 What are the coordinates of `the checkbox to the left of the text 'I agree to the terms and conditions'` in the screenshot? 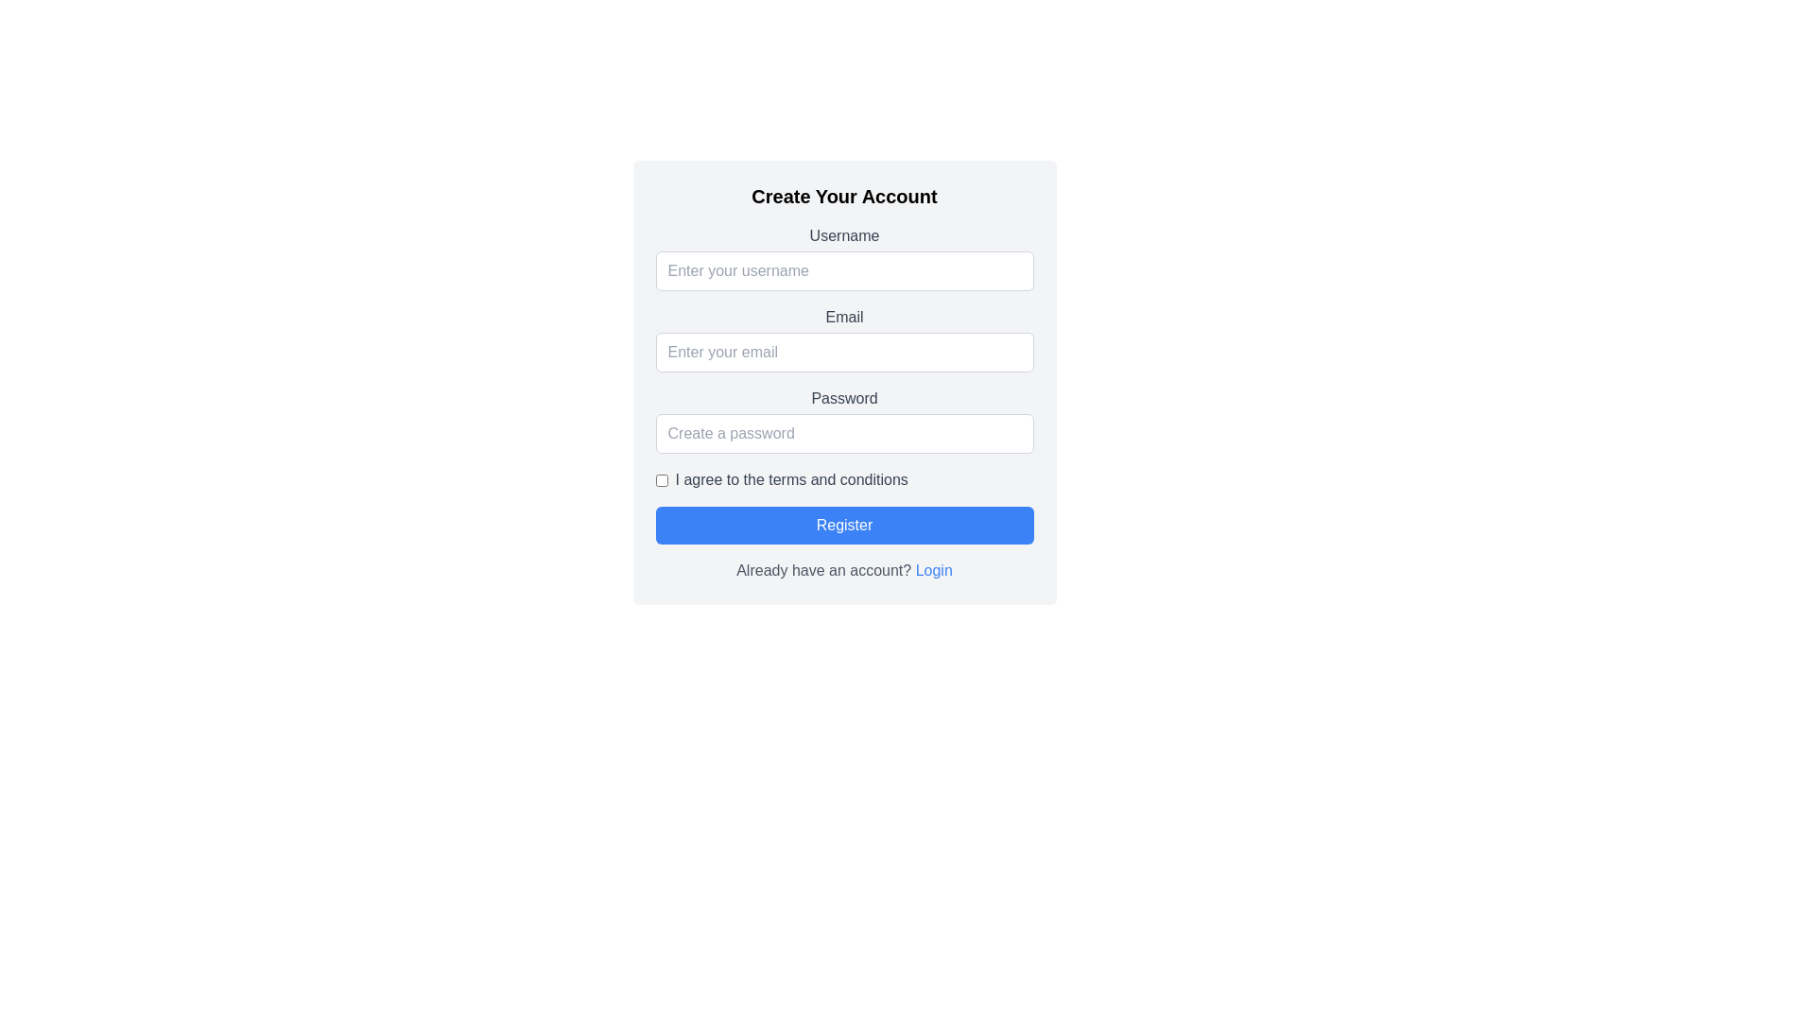 It's located at (662, 479).